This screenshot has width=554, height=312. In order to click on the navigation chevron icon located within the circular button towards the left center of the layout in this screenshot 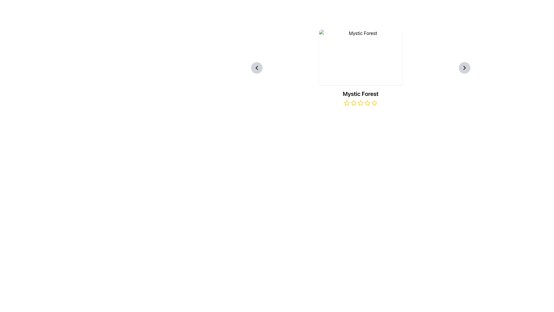, I will do `click(256, 68)`.